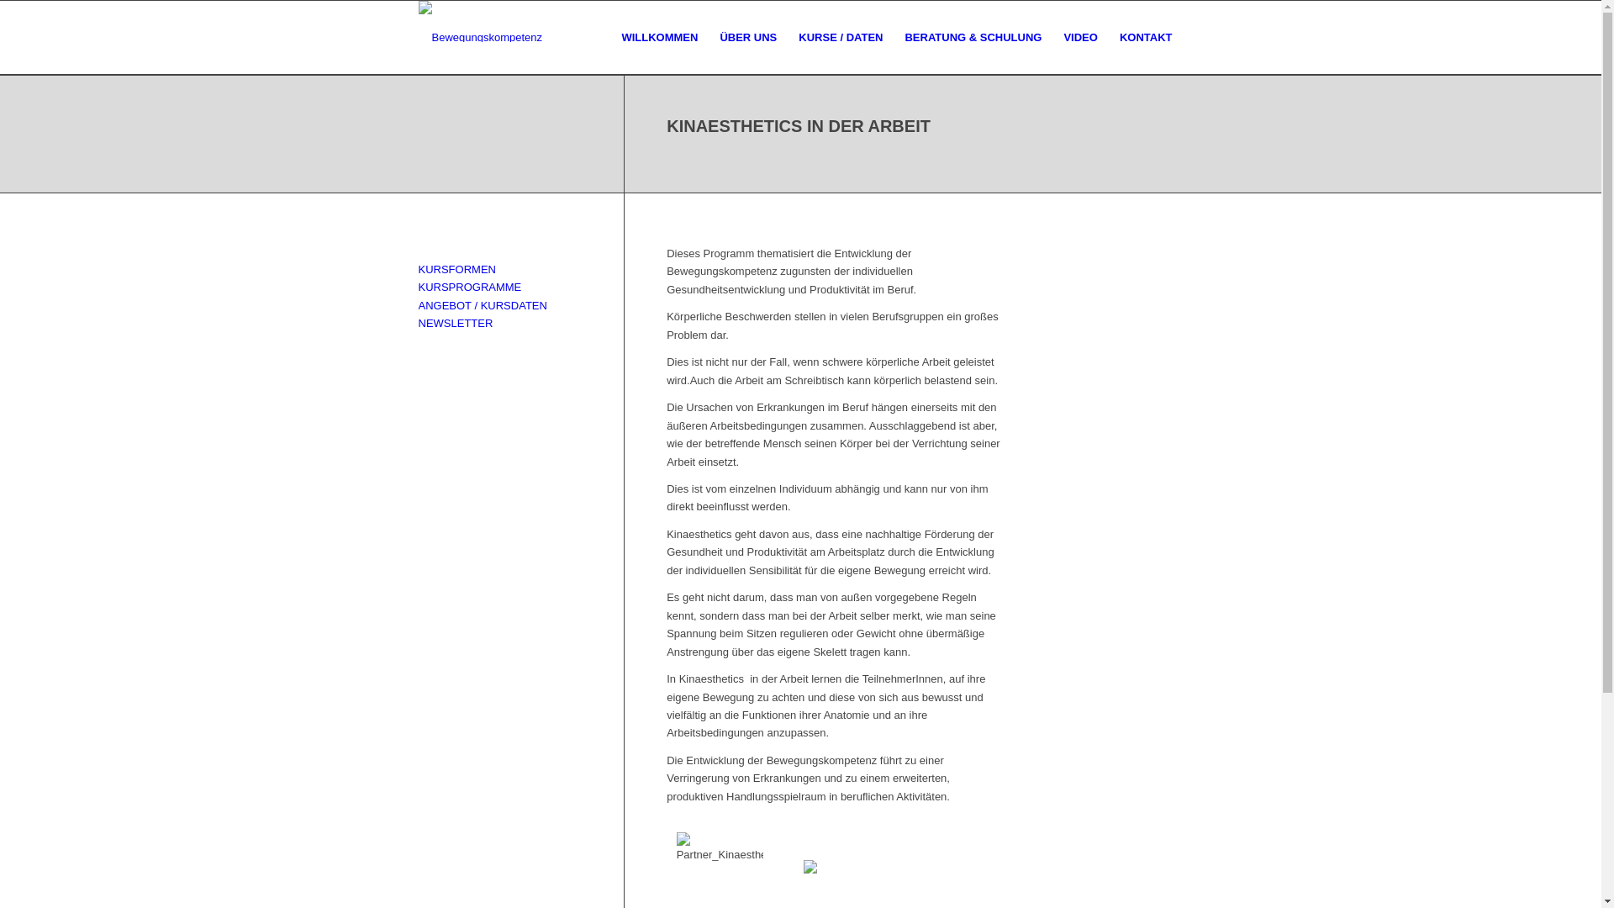 This screenshot has width=1614, height=908. I want to click on 'BERATUNG & SCHULUNG', so click(973, 38).